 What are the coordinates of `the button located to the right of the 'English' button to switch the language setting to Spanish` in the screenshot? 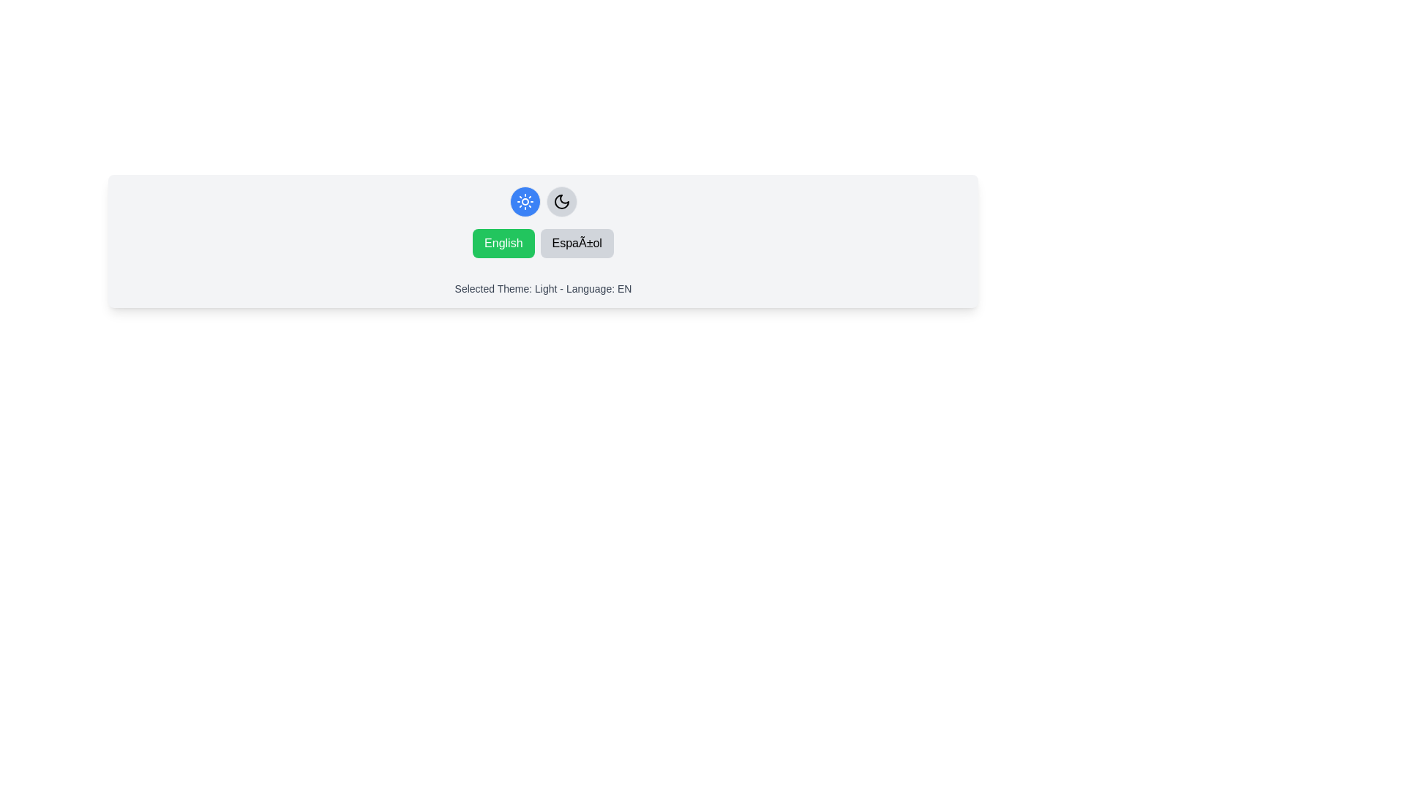 It's located at (576, 242).